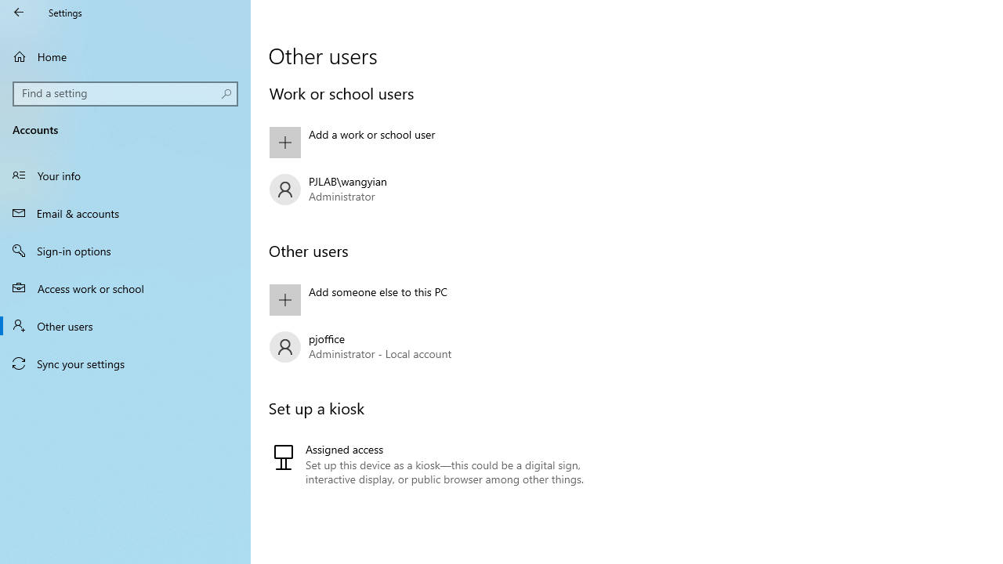 This screenshot has width=1003, height=564. I want to click on 'Sign-in options', so click(125, 250).